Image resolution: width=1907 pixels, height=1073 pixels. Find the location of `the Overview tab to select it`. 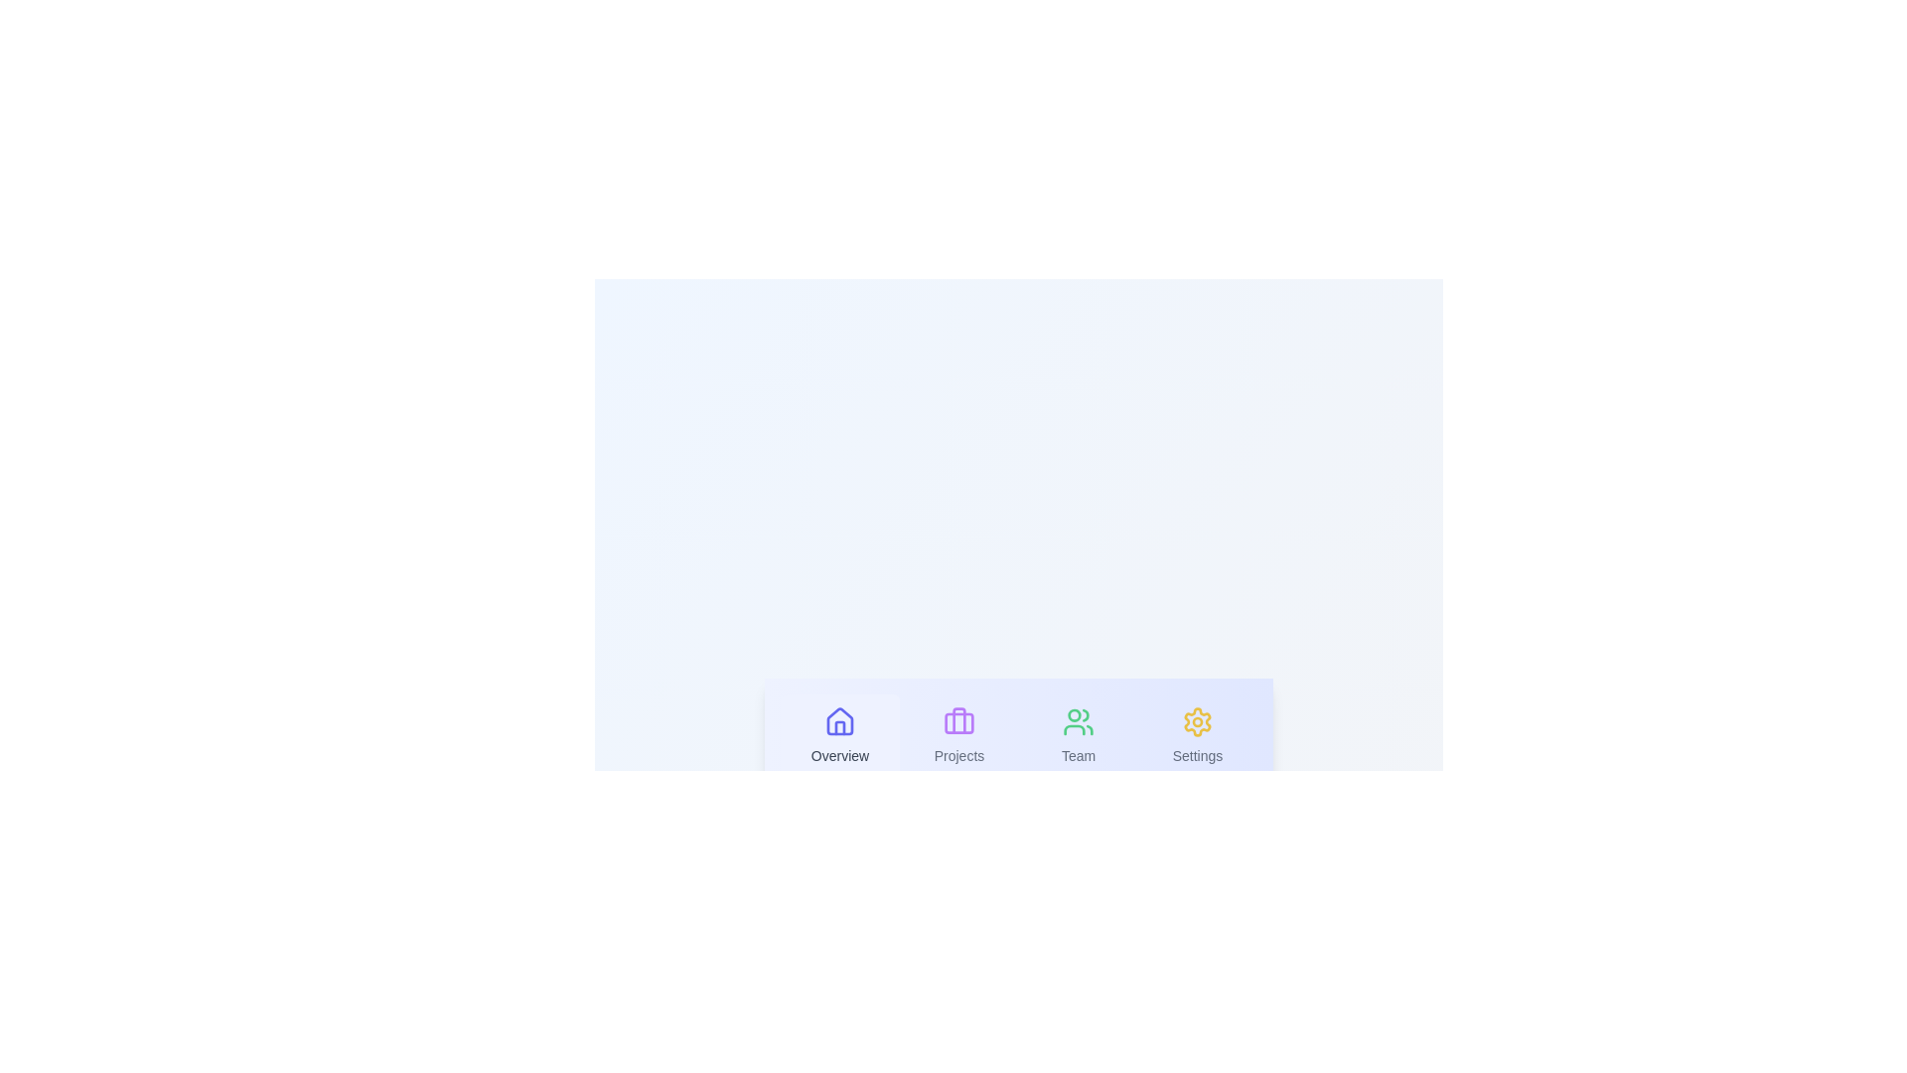

the Overview tab to select it is located at coordinates (839, 737).